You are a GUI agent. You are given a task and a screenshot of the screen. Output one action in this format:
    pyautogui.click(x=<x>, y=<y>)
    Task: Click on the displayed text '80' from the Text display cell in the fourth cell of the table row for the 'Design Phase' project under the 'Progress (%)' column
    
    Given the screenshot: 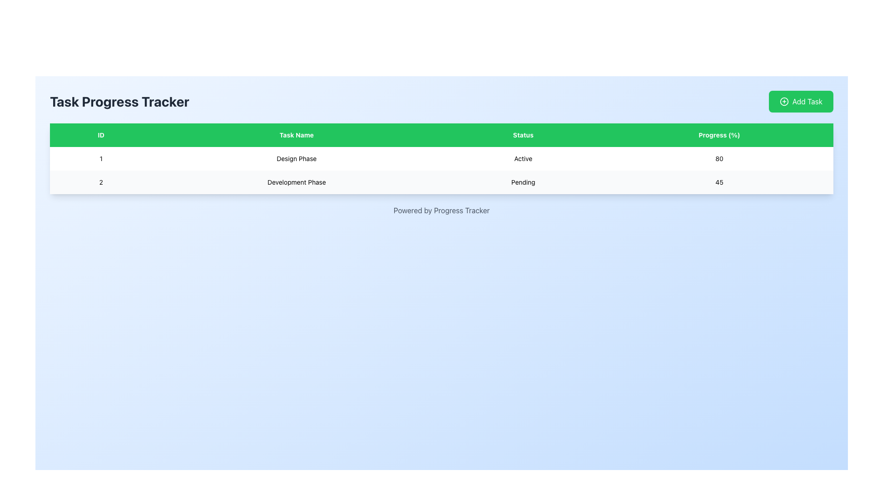 What is the action you would take?
    pyautogui.click(x=719, y=158)
    